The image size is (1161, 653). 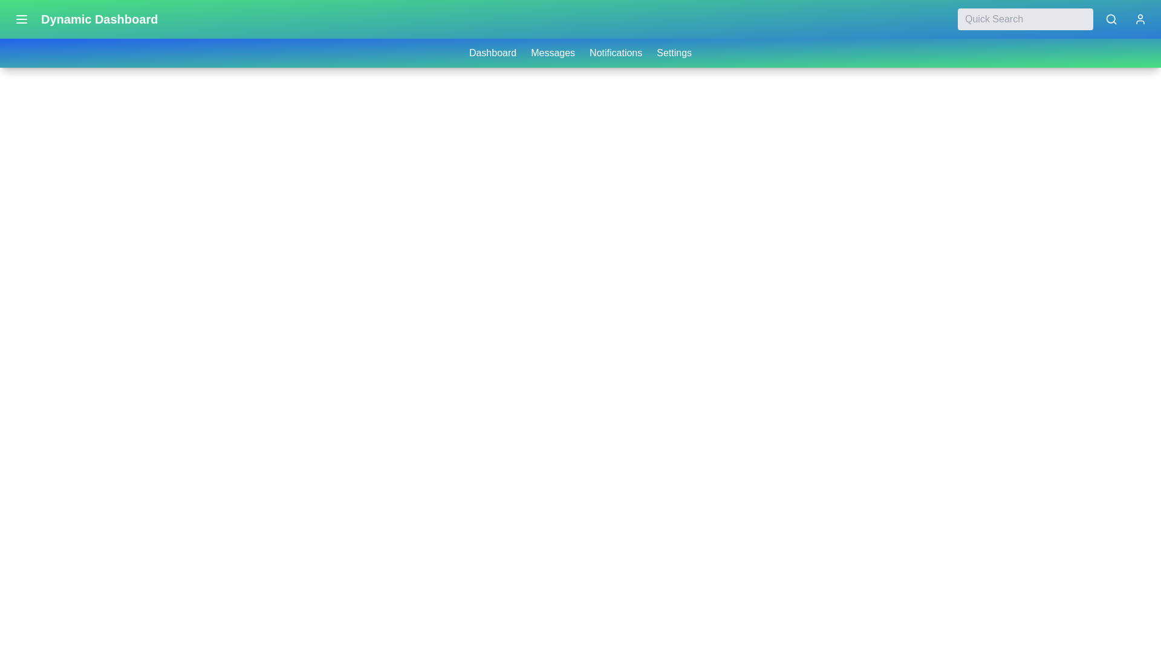 I want to click on the magnifying glass icon in the top-right corner of the interface, so click(x=1111, y=19).